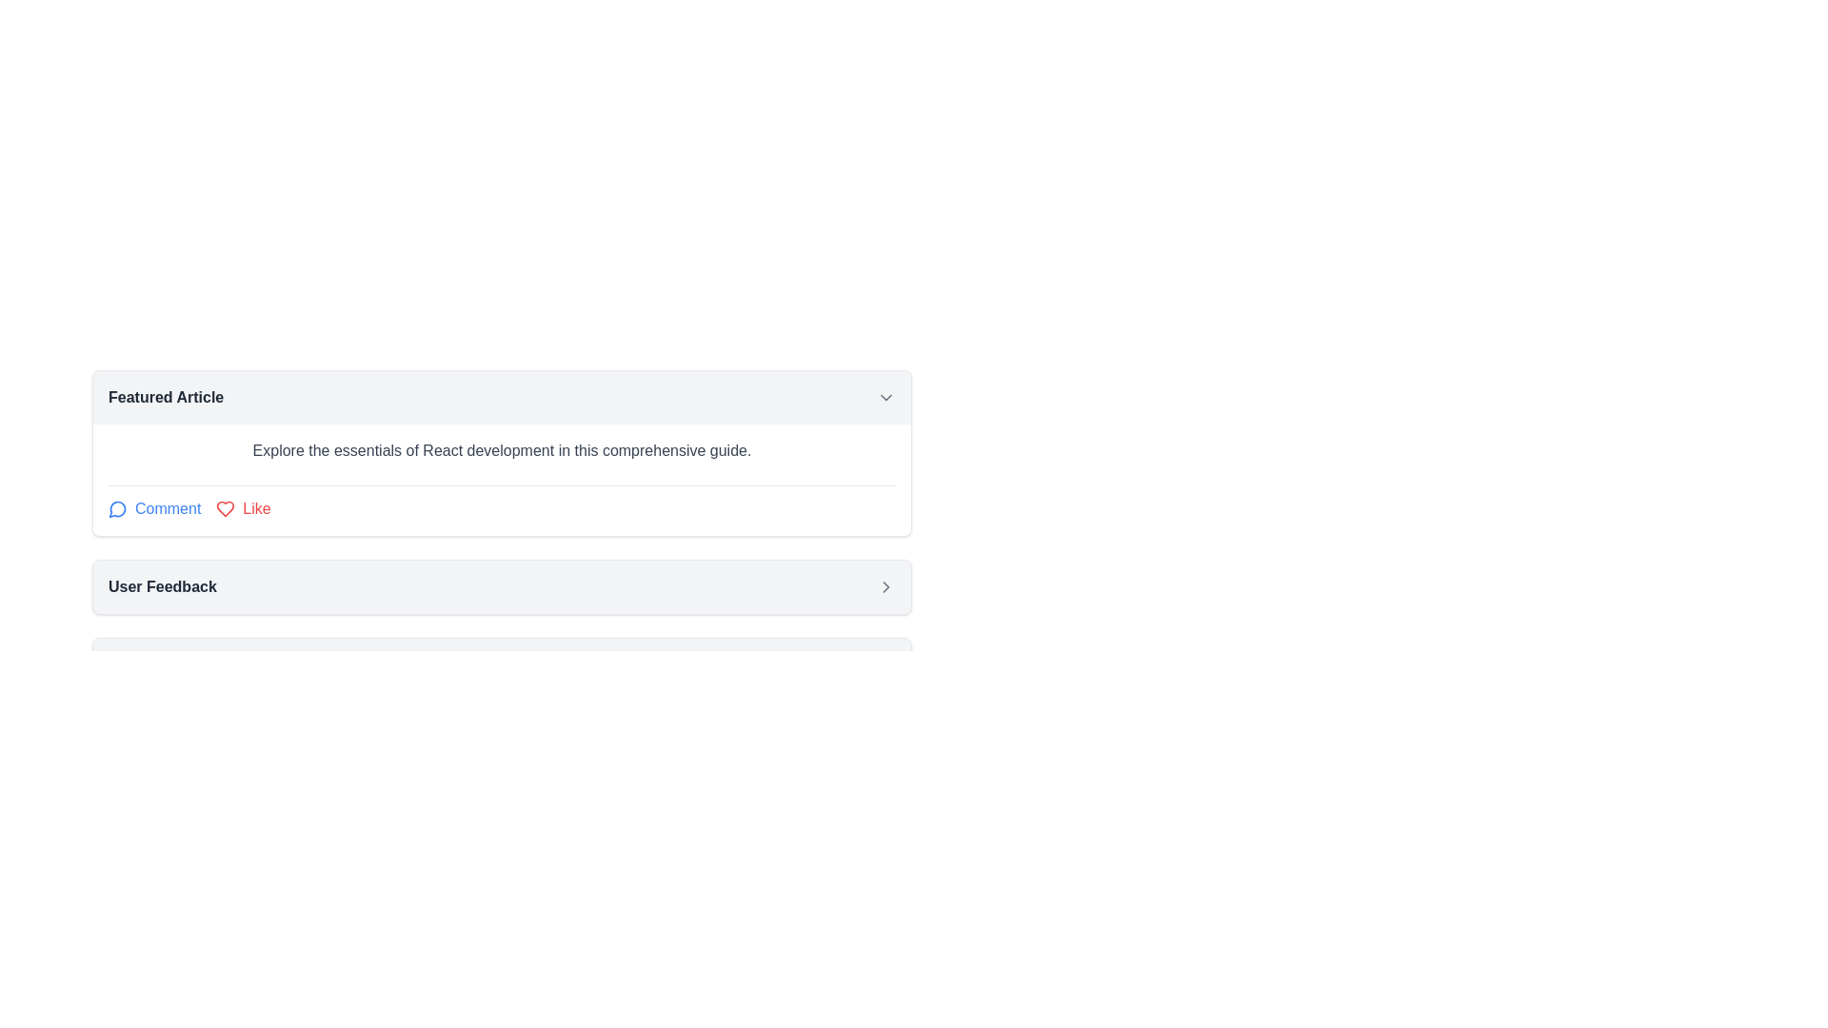 Image resolution: width=1828 pixels, height=1028 pixels. What do you see at coordinates (168, 508) in the screenshot?
I see `the 'Comment' text label, which is styled in blue font and is part of an interactive link-like component` at bounding box center [168, 508].